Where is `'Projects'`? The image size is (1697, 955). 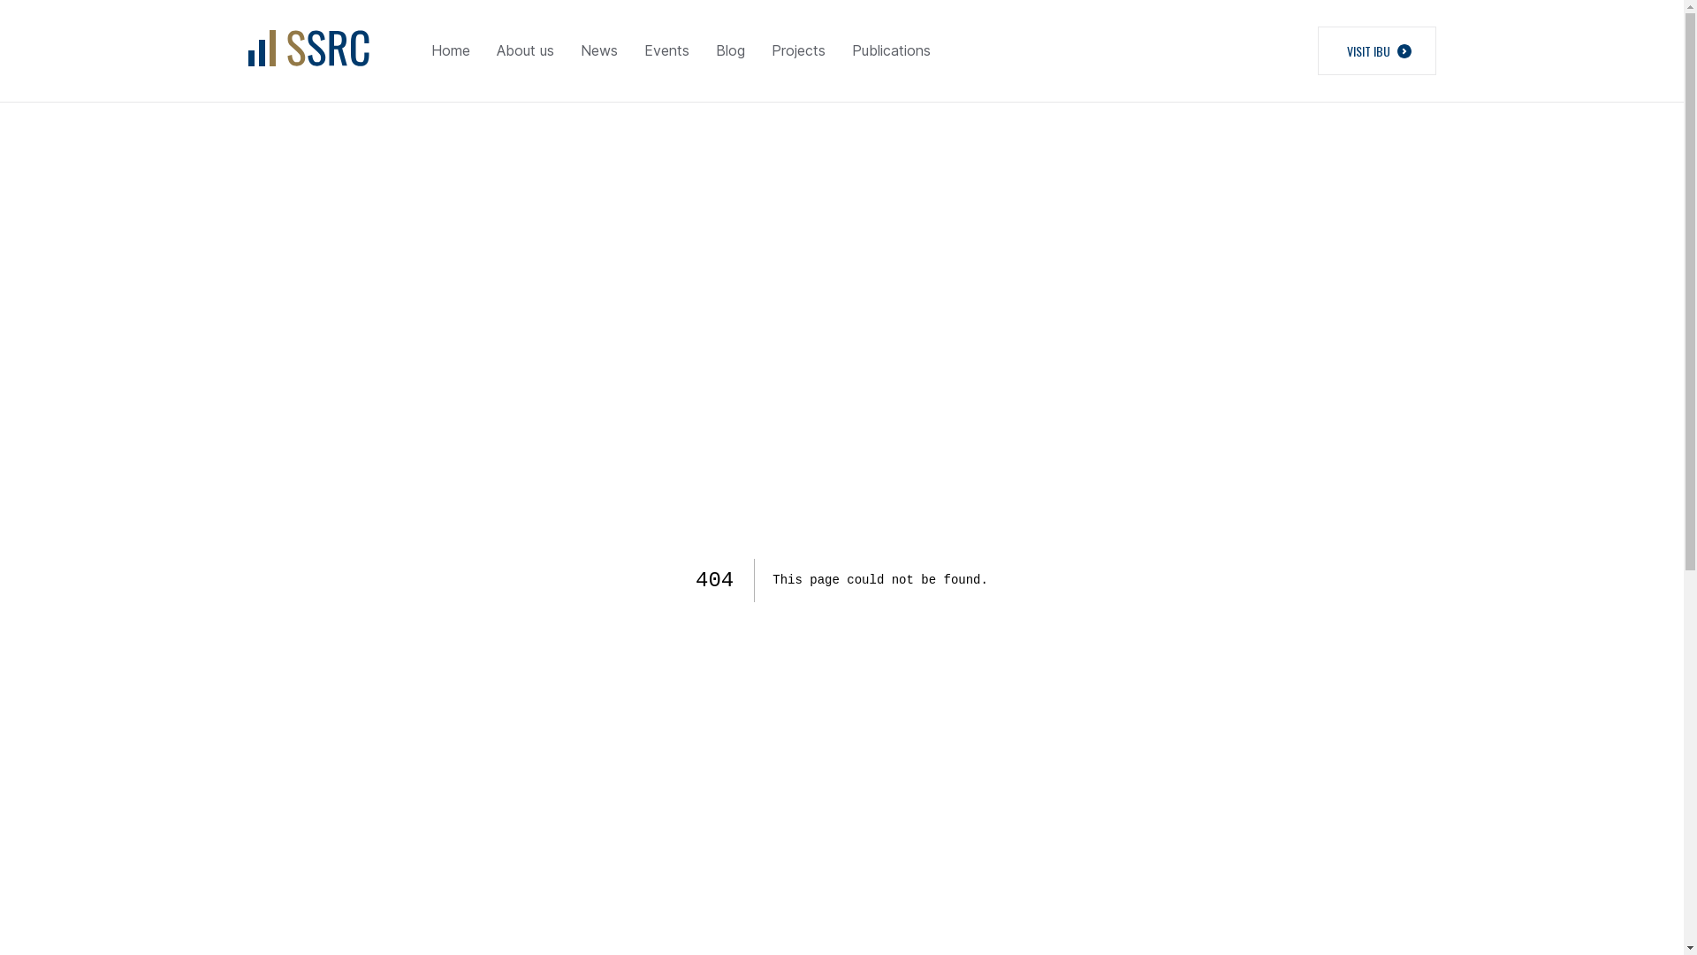 'Projects' is located at coordinates (796, 50).